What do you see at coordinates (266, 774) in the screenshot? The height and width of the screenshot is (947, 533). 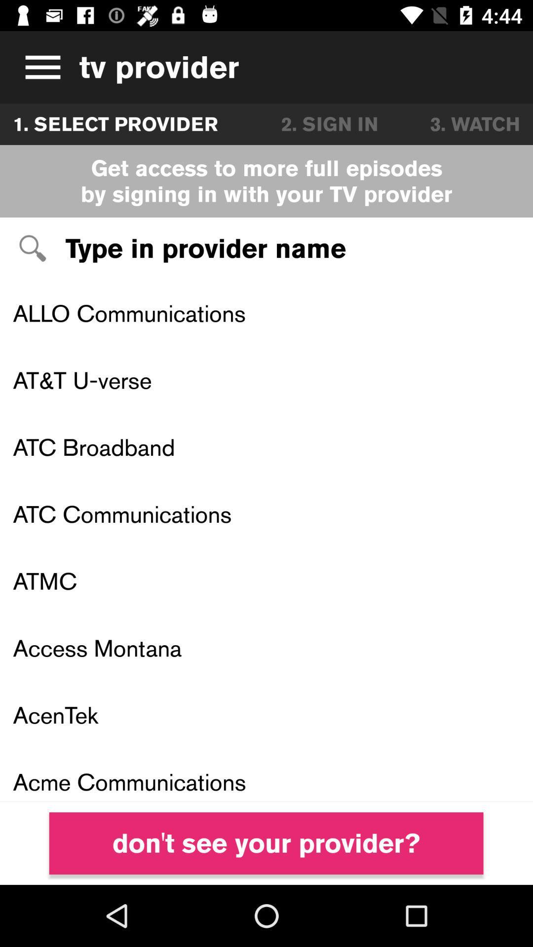 I see `the item below the acentek` at bounding box center [266, 774].